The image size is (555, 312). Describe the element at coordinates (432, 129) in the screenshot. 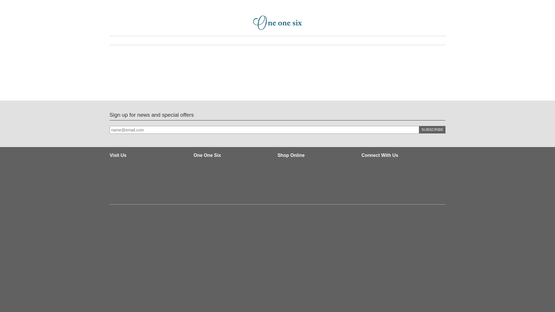

I see `'Subscribe'` at that location.